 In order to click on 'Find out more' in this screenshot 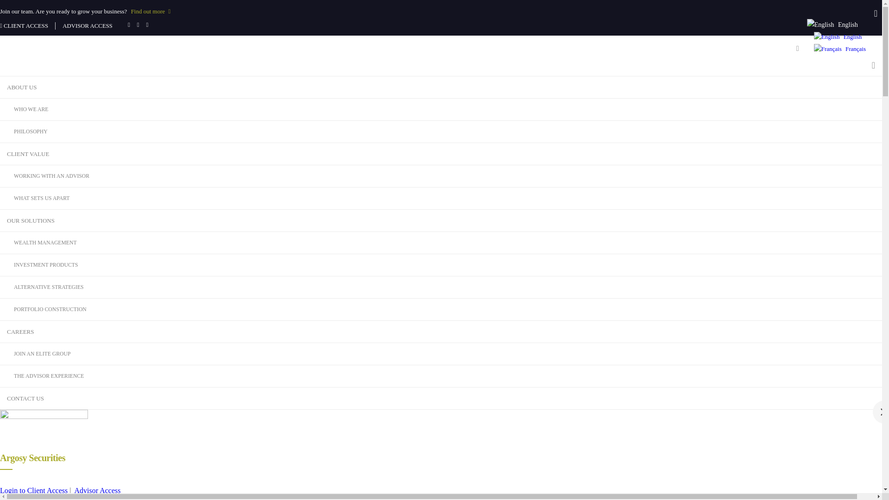, I will do `click(131, 11)`.